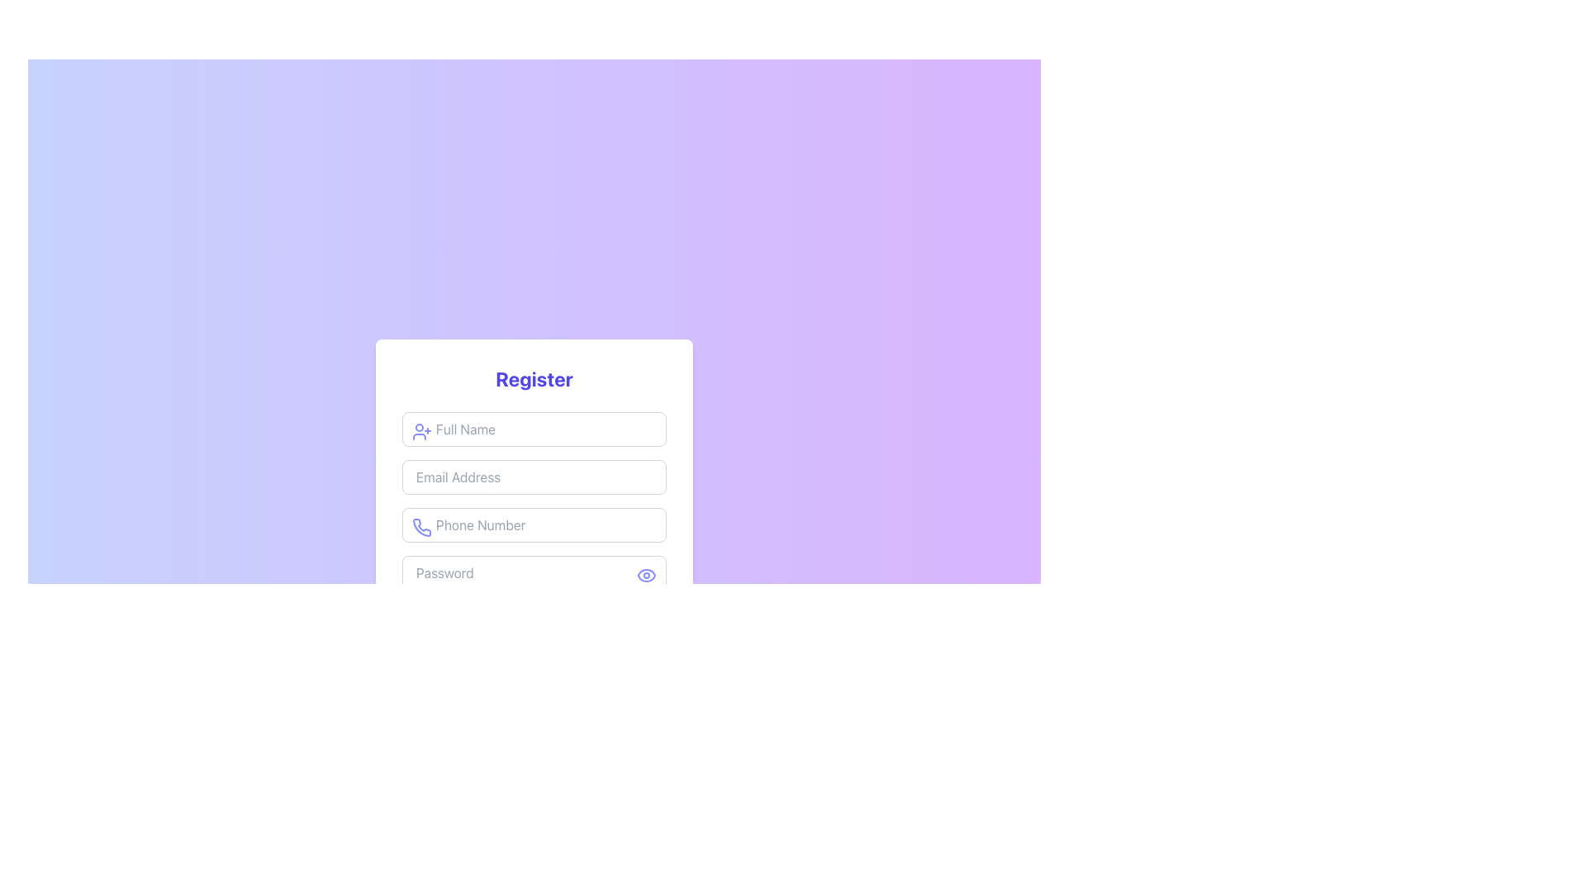 This screenshot has height=892, width=1586. I want to click on the small indigo eye icon located at the top-right corner of the password input field, so click(645, 575).